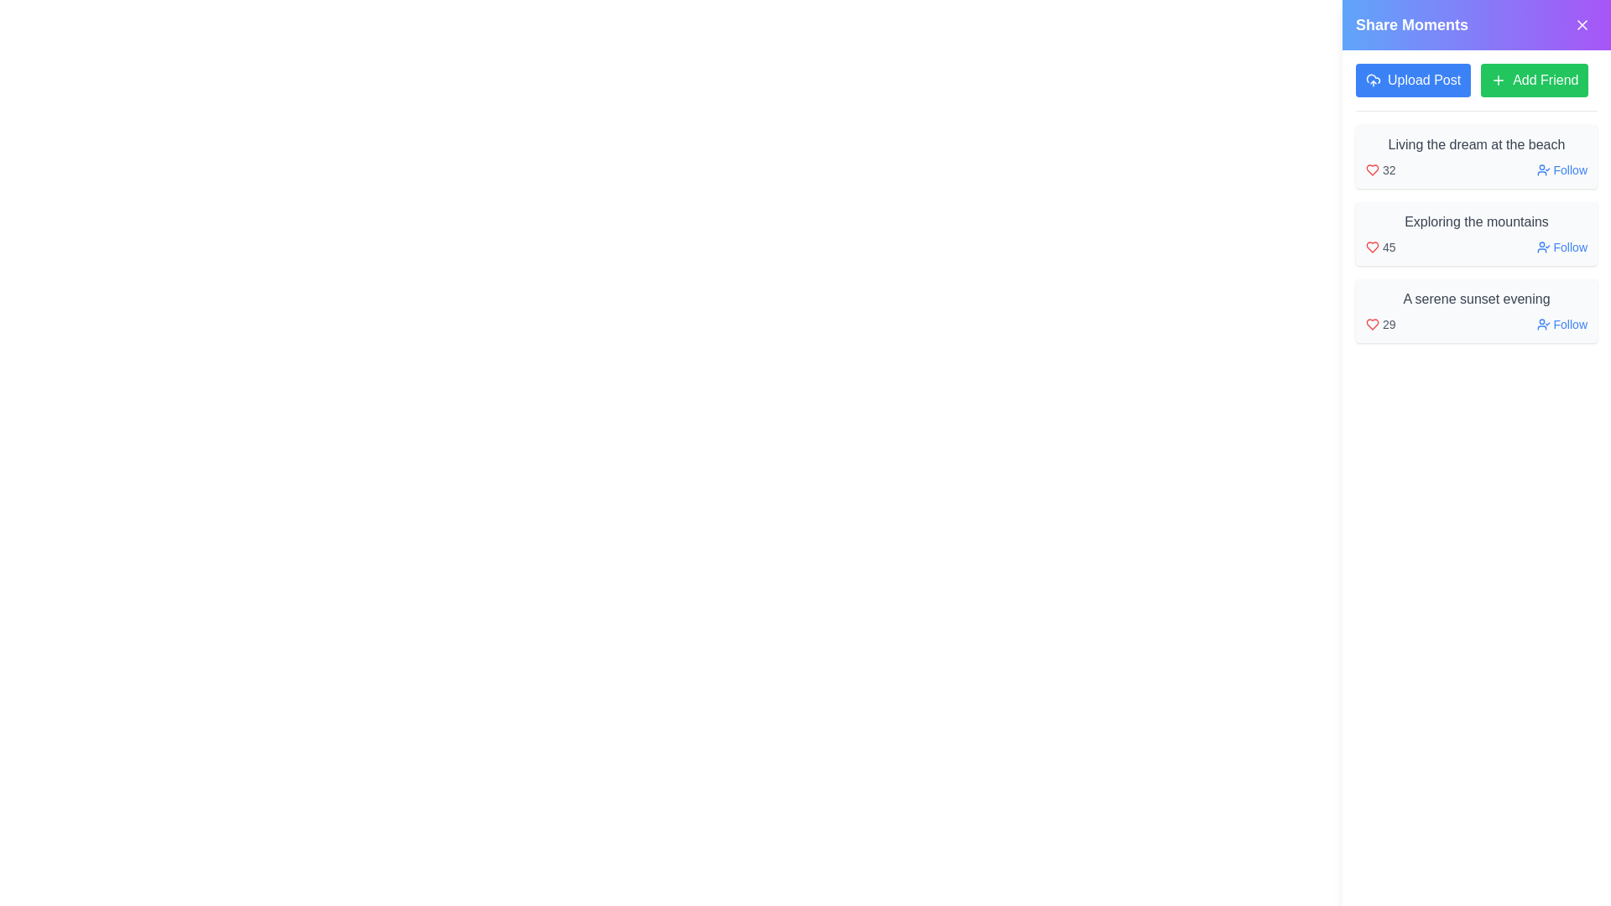 This screenshot has width=1611, height=906. What do you see at coordinates (1561, 324) in the screenshot?
I see `the 'Follow' button located in the card labeled 'A serene sunset evening', aligned to the right of the text '29', which allows users to follow the associated account or topic` at bounding box center [1561, 324].